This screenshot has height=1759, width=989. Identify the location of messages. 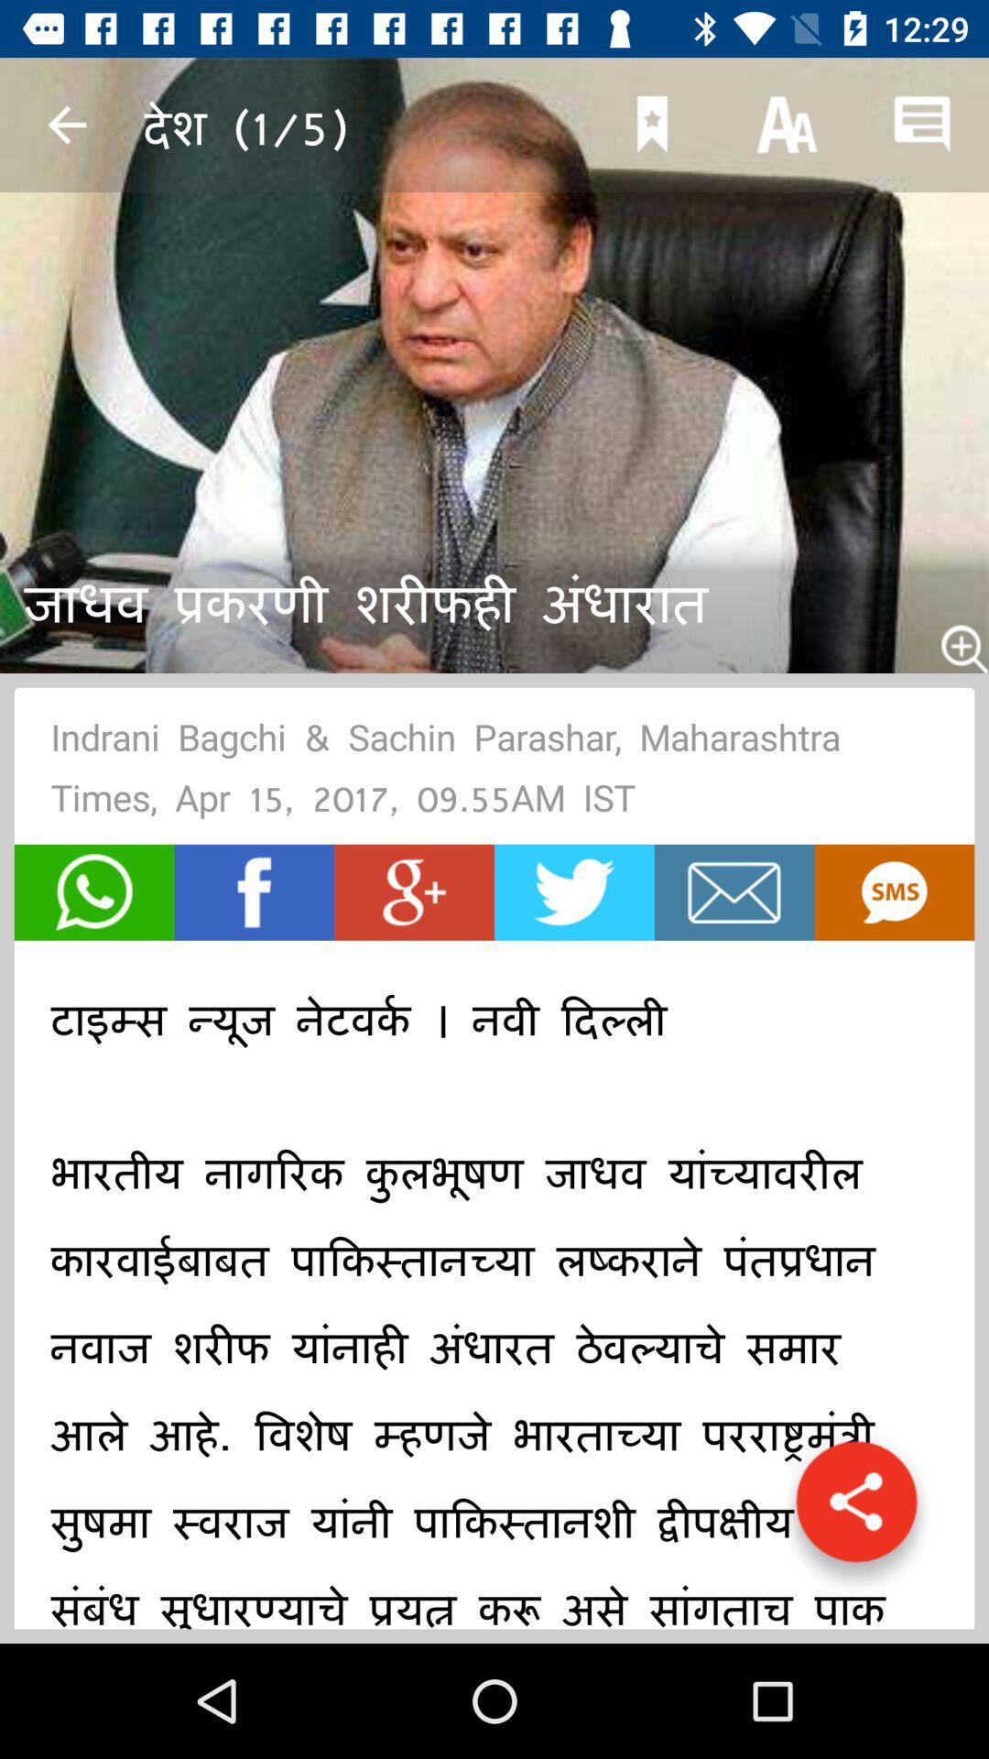
(734, 892).